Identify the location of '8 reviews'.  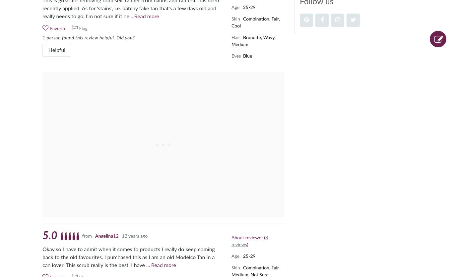
(249, 241).